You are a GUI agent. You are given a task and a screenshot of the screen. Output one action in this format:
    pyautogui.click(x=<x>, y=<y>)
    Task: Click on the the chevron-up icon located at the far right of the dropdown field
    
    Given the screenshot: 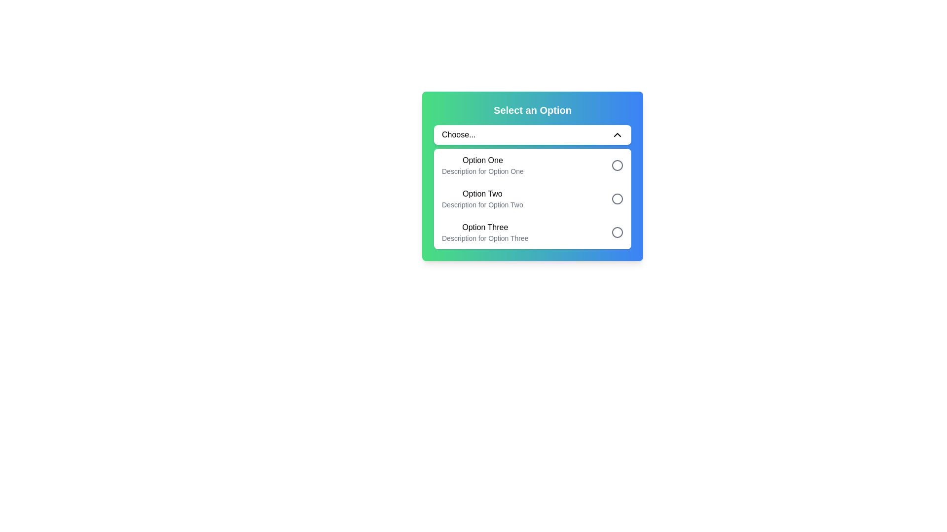 What is the action you would take?
    pyautogui.click(x=617, y=134)
    